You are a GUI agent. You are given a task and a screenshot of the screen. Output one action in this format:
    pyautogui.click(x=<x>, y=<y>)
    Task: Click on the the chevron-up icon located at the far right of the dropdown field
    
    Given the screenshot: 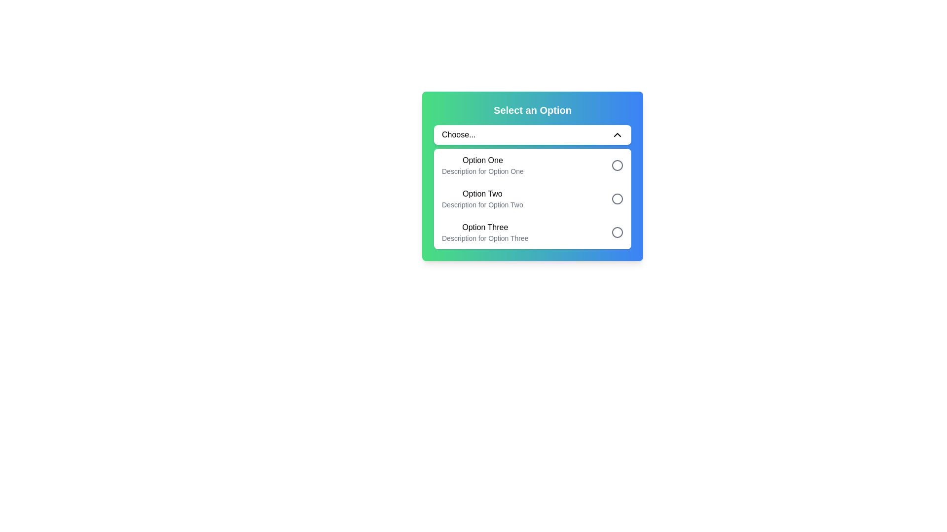 What is the action you would take?
    pyautogui.click(x=617, y=134)
    